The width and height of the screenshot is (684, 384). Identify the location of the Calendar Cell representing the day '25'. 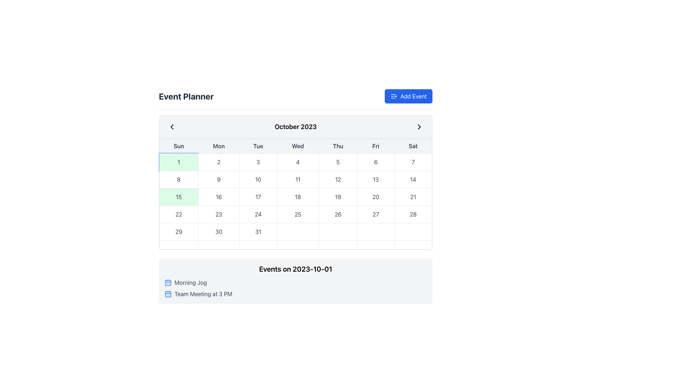
(298, 214).